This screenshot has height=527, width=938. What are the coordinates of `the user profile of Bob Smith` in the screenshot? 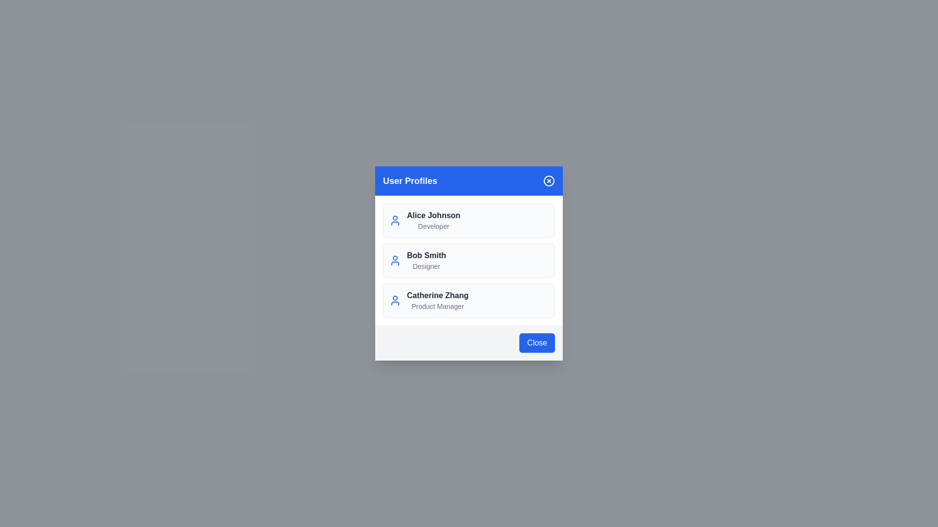 It's located at (469, 260).